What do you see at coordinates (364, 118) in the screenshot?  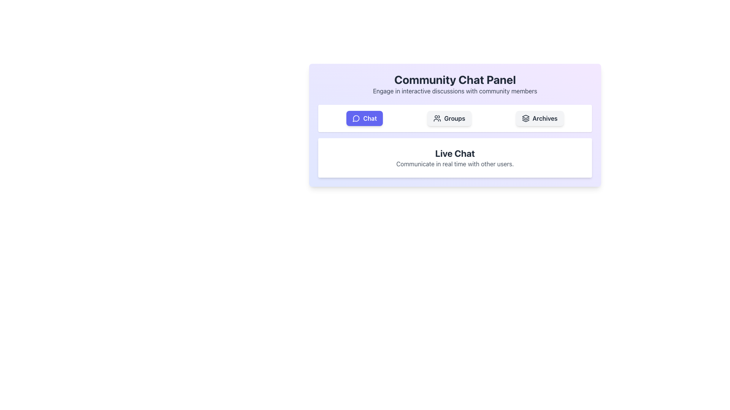 I see `the vibrant indigo 'Chat' button with a white chat bubble icon` at bounding box center [364, 118].